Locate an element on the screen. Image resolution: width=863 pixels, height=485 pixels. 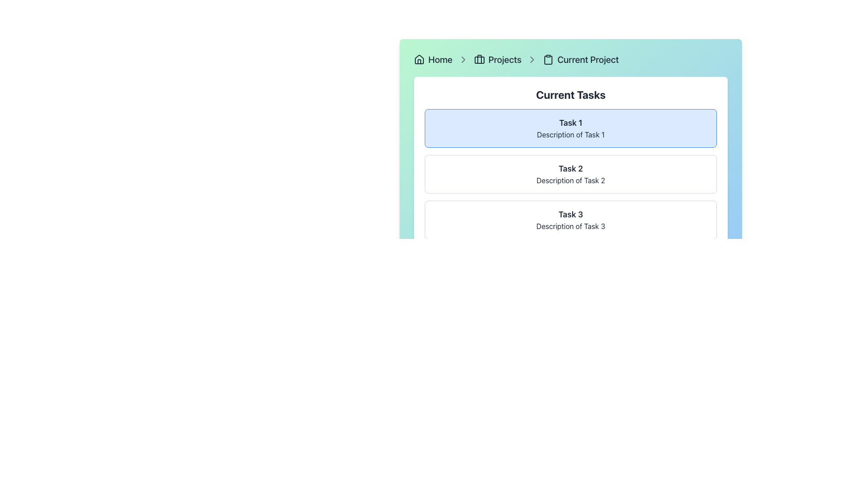
the 'Home' interactive text link in the breadcrumb navigation is located at coordinates (440, 59).